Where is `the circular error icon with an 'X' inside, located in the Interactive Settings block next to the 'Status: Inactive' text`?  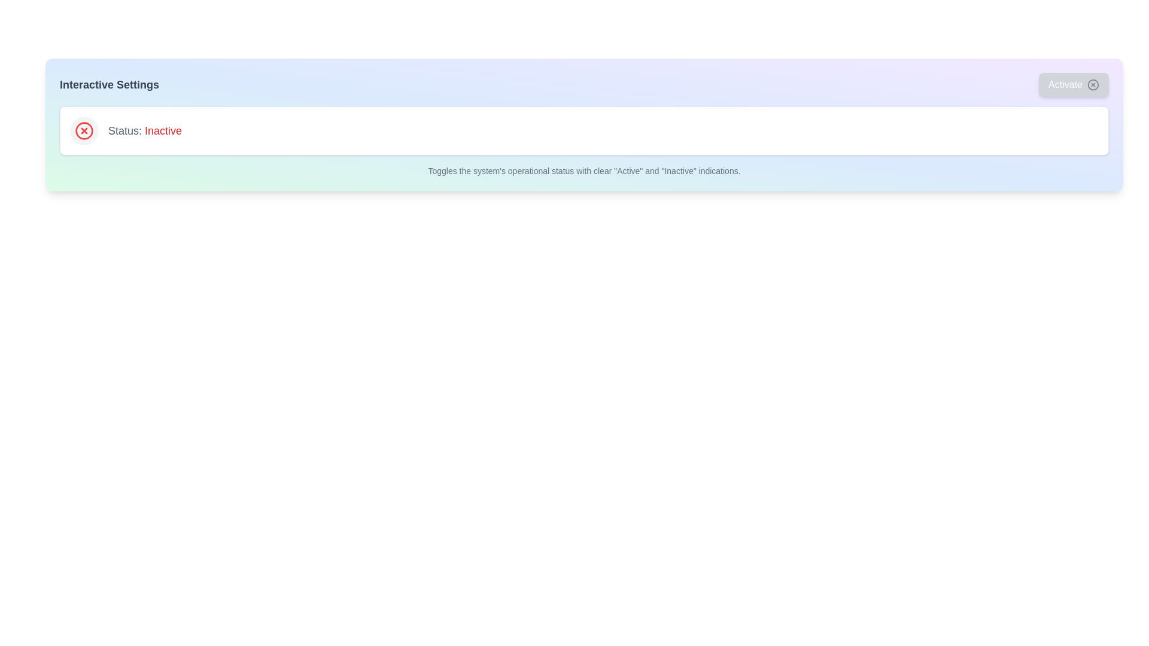
the circular error icon with an 'X' inside, located in the Interactive Settings block next to the 'Status: Inactive' text is located at coordinates (83, 131).